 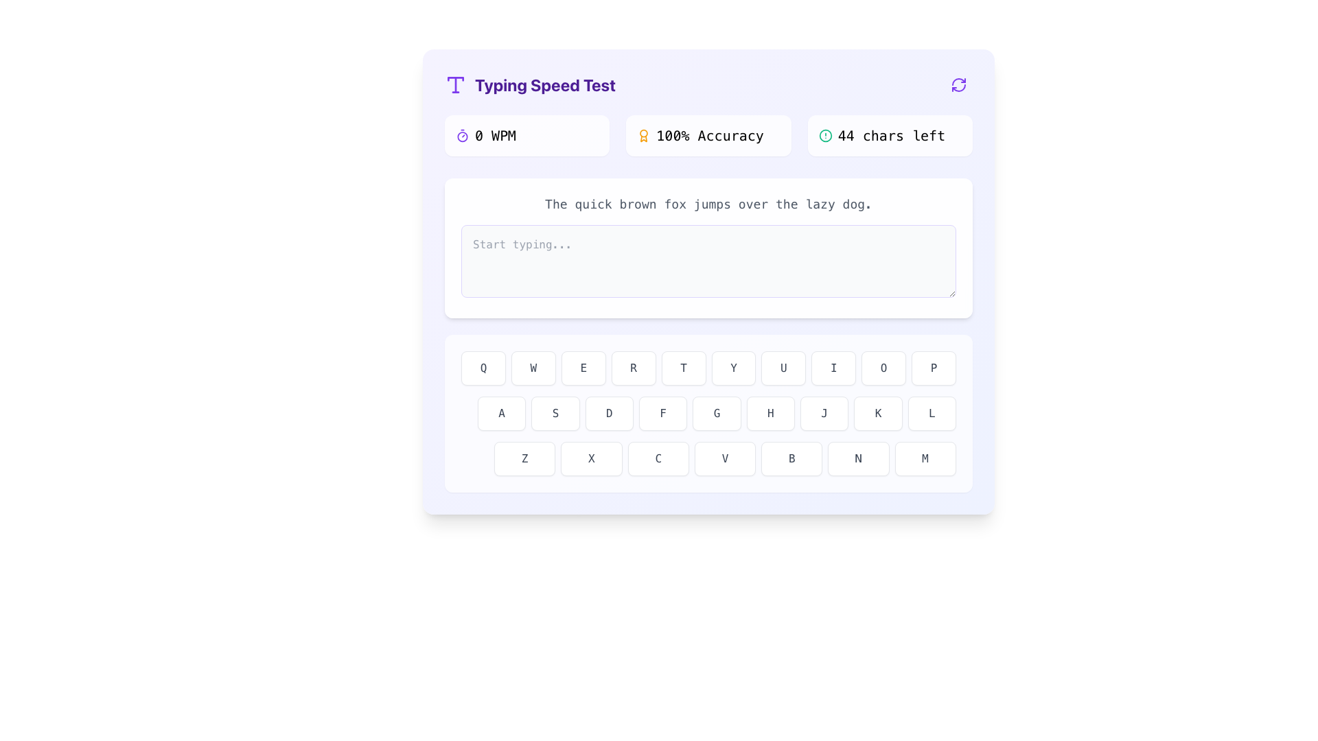 What do you see at coordinates (824, 412) in the screenshot?
I see `the button representing the letter 'J', which is the seventh button in a grid layout of letter buttons, located on the third row between 'H' and 'K'` at bounding box center [824, 412].